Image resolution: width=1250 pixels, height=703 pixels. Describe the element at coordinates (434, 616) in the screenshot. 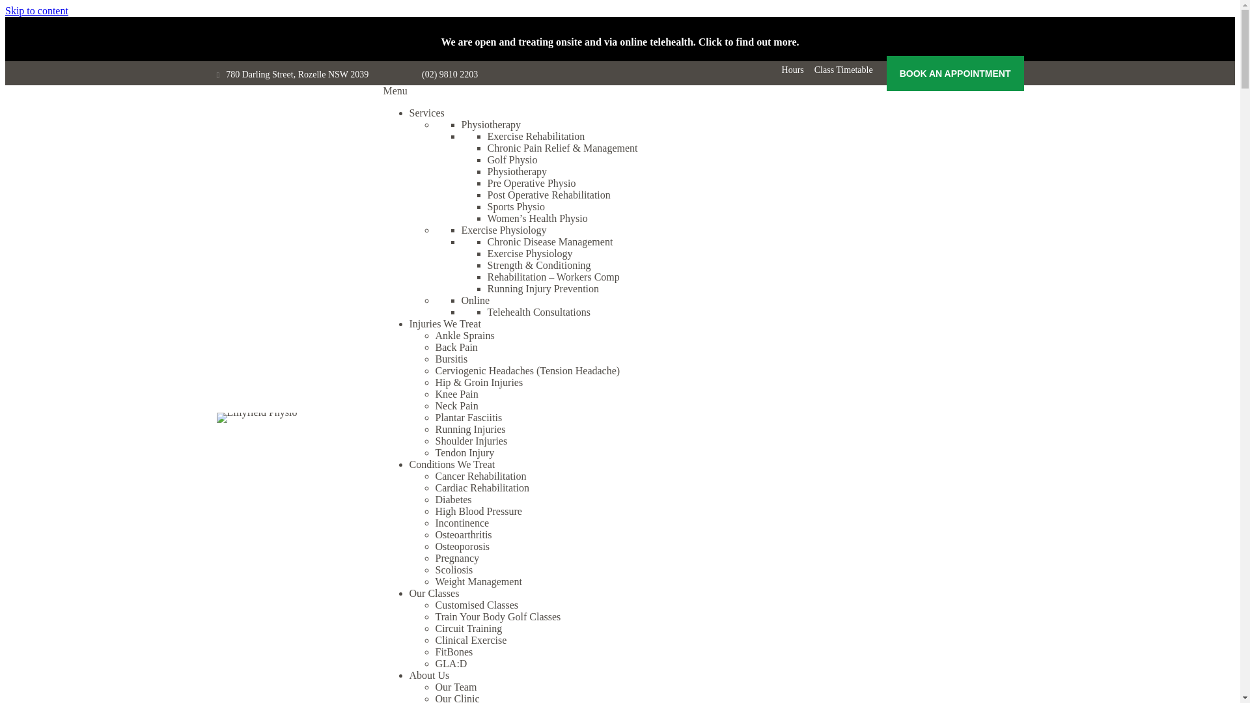

I see `'Train Your Body Golf Classes'` at that location.